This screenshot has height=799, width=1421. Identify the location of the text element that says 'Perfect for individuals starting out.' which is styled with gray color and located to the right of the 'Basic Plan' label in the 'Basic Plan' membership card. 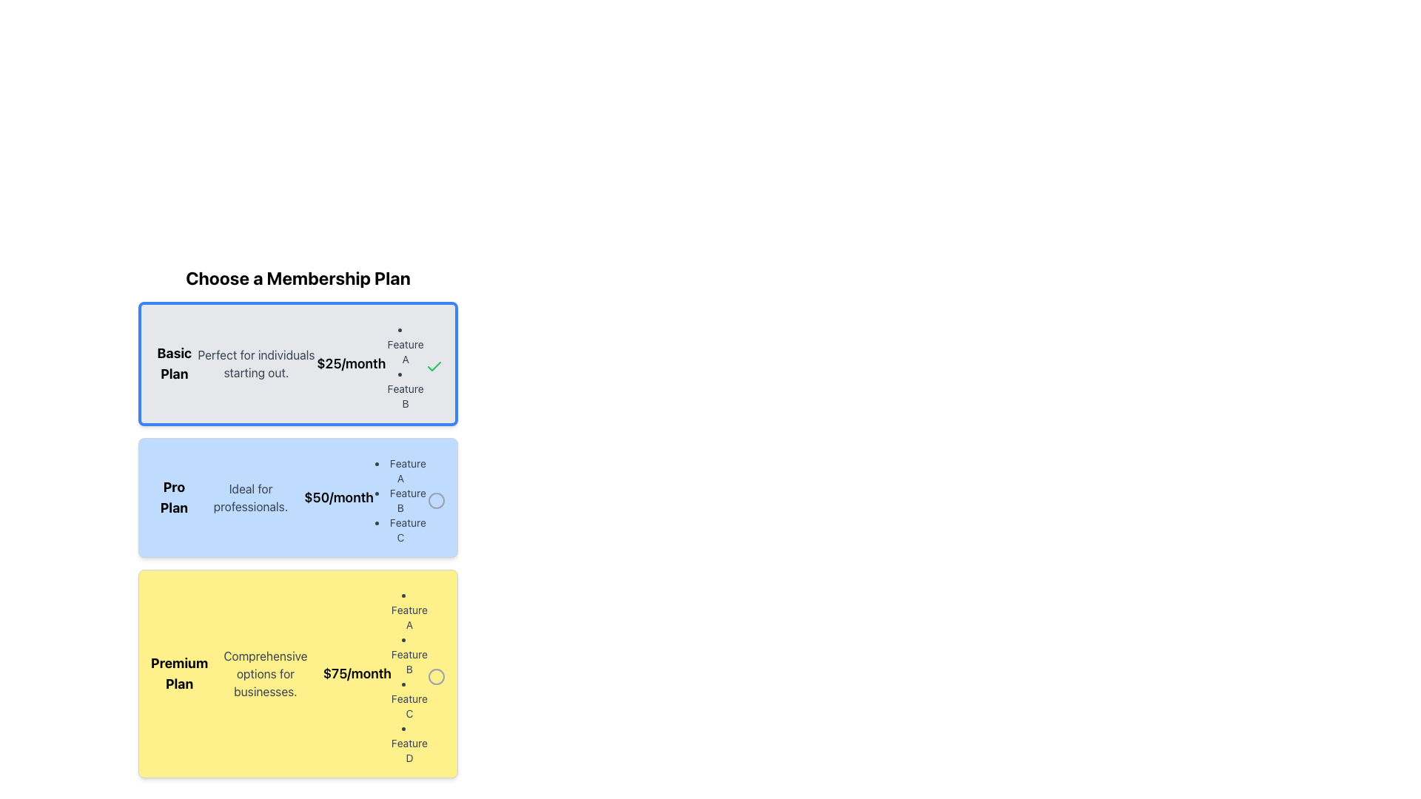
(256, 364).